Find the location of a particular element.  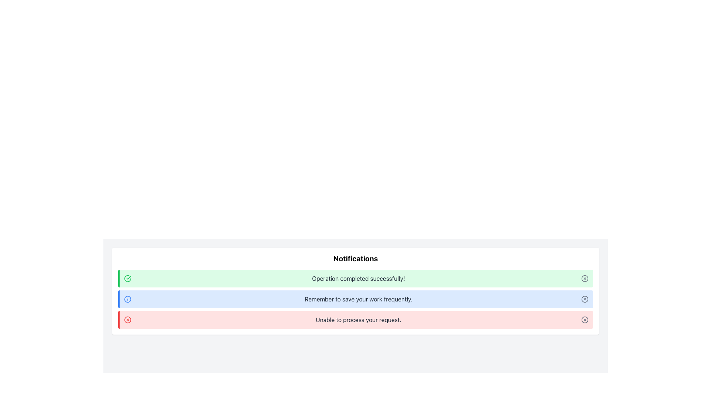

the circular UI element with a blue border and white fill, which is part of the information icon located in the left region of the blue notification bar is located at coordinates (127, 299).